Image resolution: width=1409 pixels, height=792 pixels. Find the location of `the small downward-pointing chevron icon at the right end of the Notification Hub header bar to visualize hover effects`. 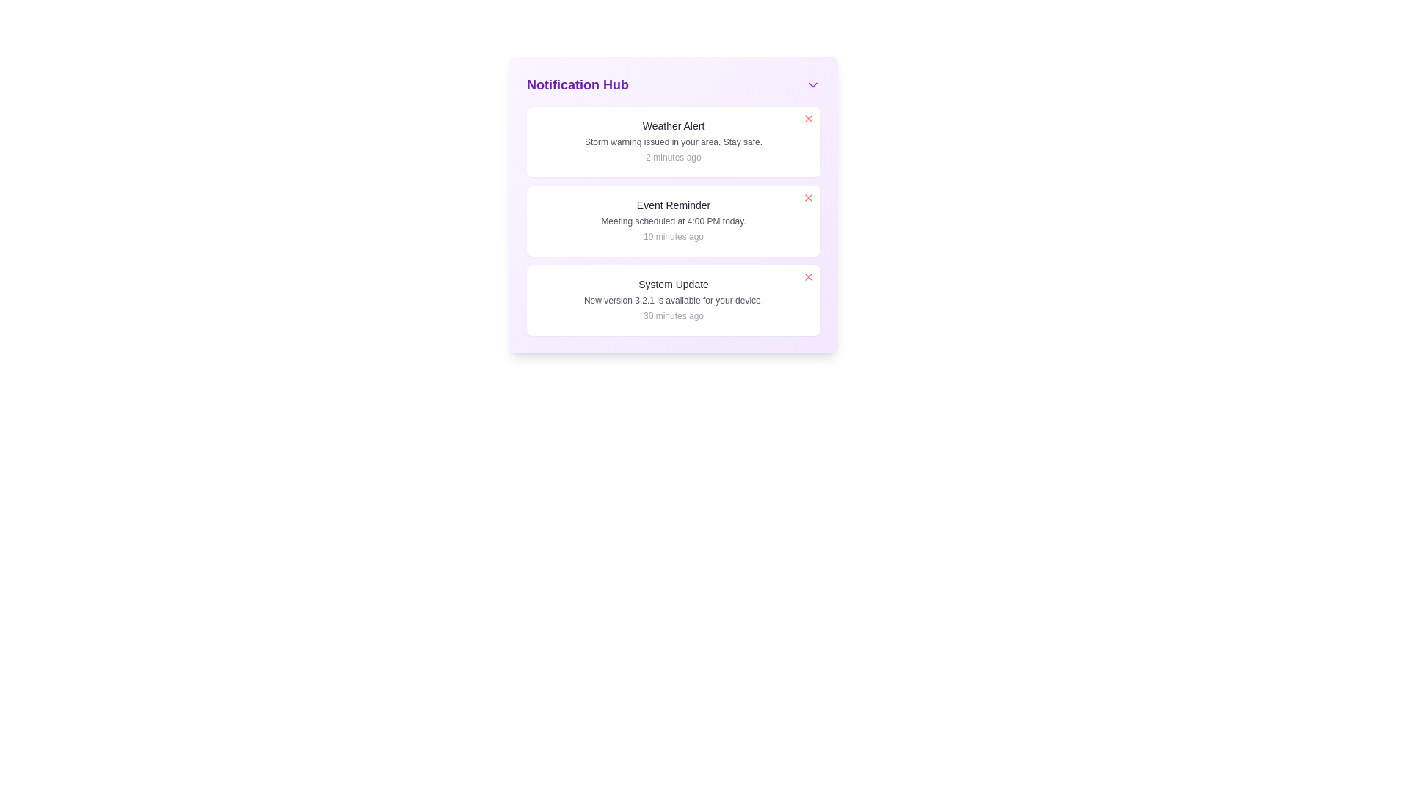

the small downward-pointing chevron icon at the right end of the Notification Hub header bar to visualize hover effects is located at coordinates (812, 84).